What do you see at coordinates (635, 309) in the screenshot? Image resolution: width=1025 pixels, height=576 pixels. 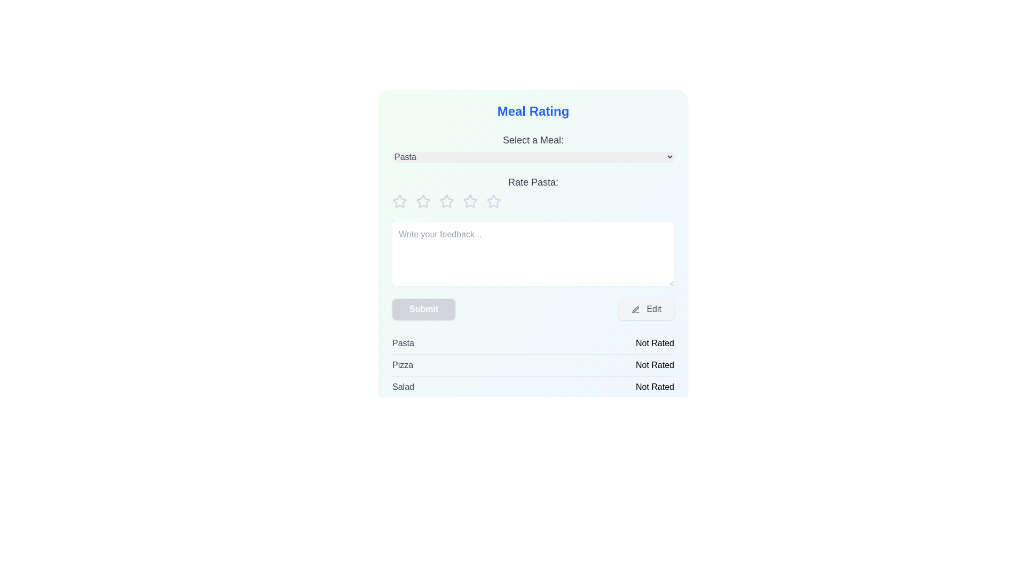 I see `the 'Edit' button icon located at the bottom-right area of the form to initiate edit actions` at bounding box center [635, 309].